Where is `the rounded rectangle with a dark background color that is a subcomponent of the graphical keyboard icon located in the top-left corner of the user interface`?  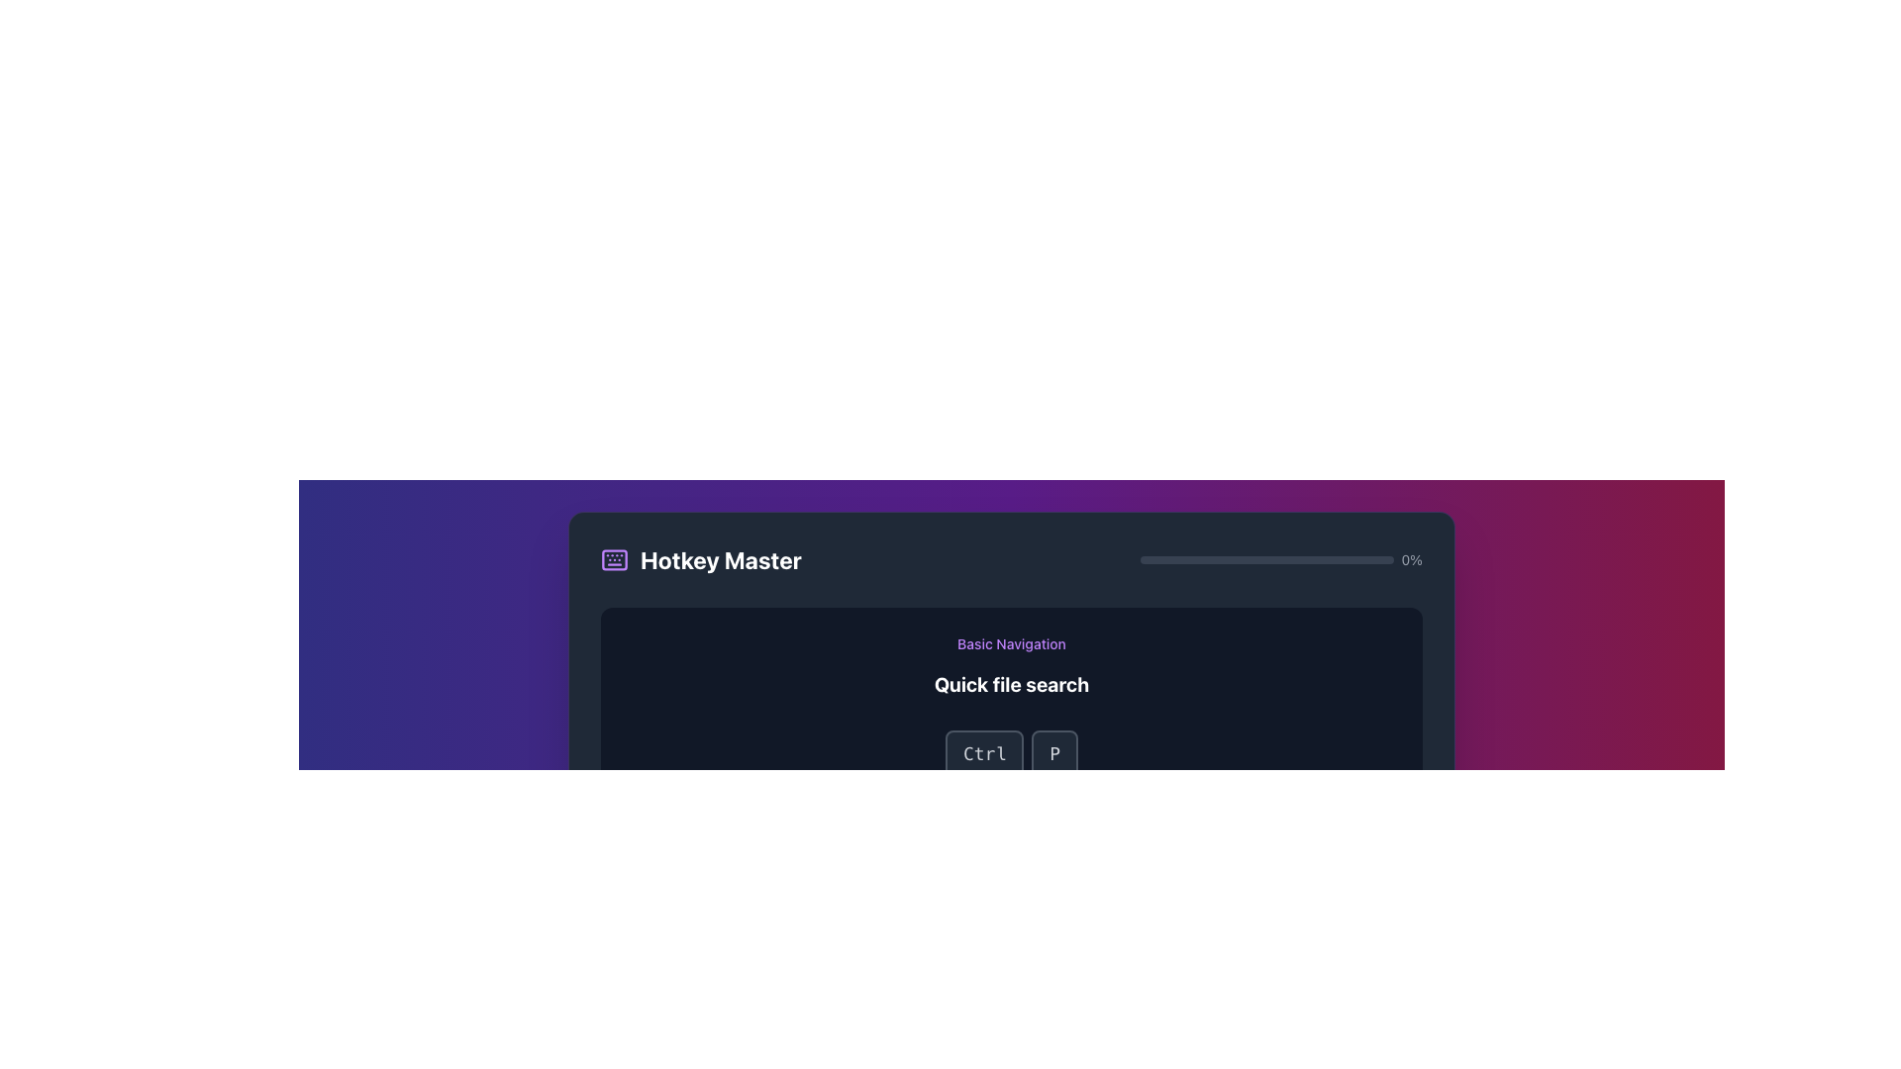
the rounded rectangle with a dark background color that is a subcomponent of the graphical keyboard icon located in the top-left corner of the user interface is located at coordinates (613, 560).